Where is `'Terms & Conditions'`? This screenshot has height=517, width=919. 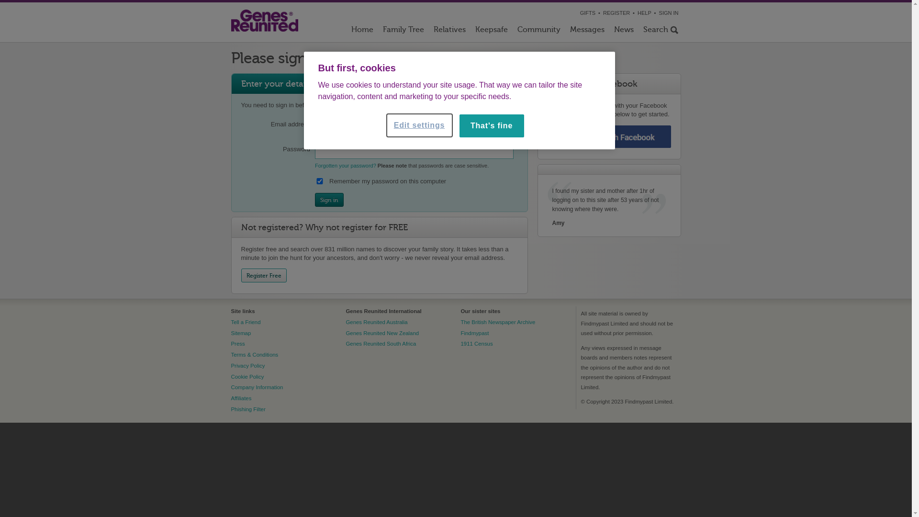 'Terms & Conditions' is located at coordinates (230, 354).